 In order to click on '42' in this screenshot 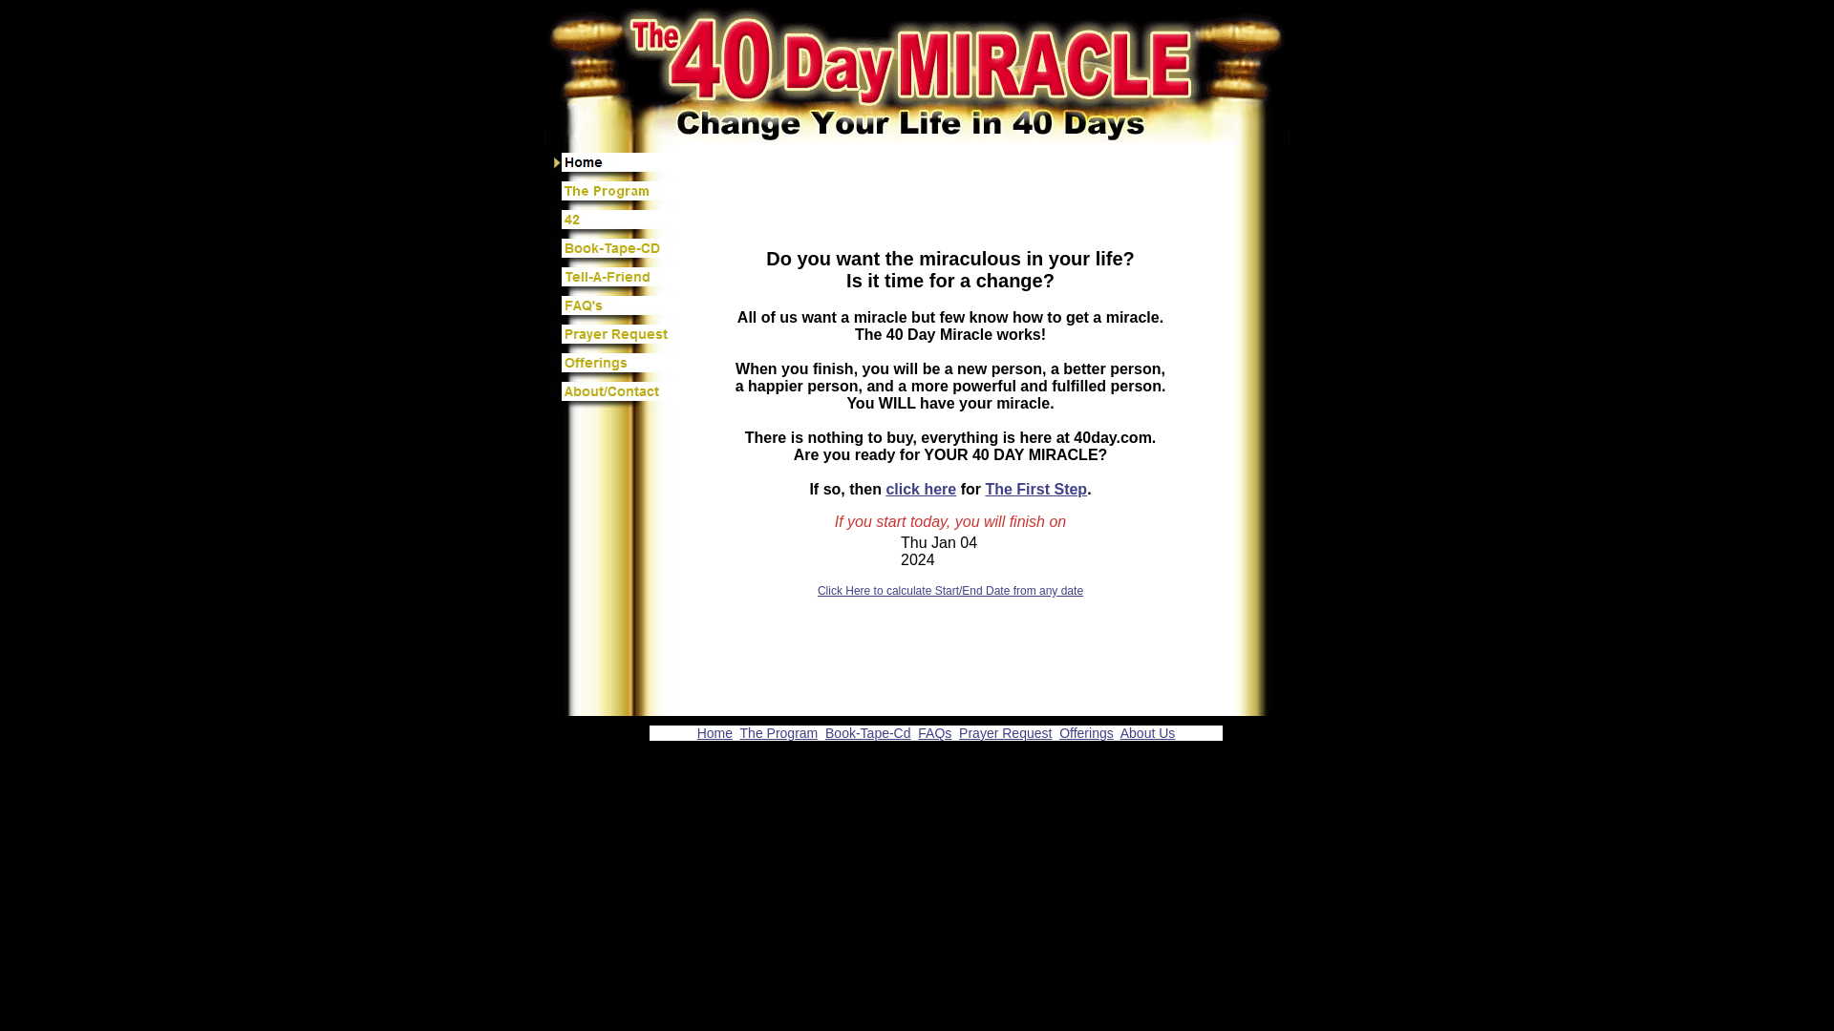, I will do `click(615, 223)`.